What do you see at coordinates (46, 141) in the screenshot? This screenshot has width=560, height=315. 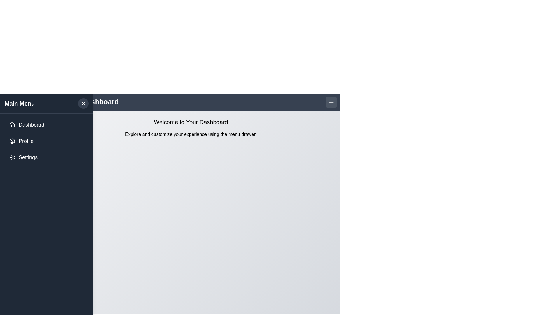 I see `the 'Profile' menu item, which is the second item in the vertical list under the 'Main Menu'` at bounding box center [46, 141].